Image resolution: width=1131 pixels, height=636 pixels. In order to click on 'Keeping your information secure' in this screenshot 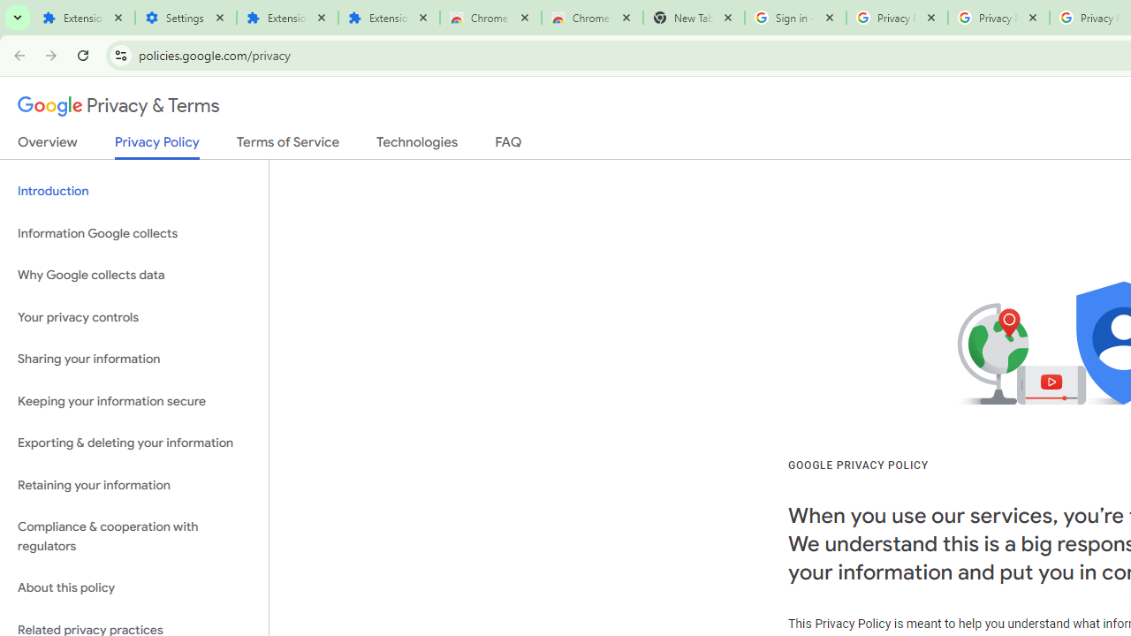, I will do `click(133, 401)`.